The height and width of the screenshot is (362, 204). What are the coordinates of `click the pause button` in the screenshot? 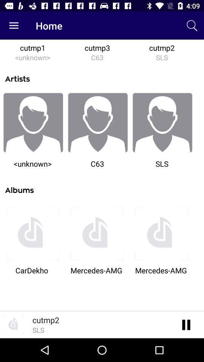 It's located at (186, 324).